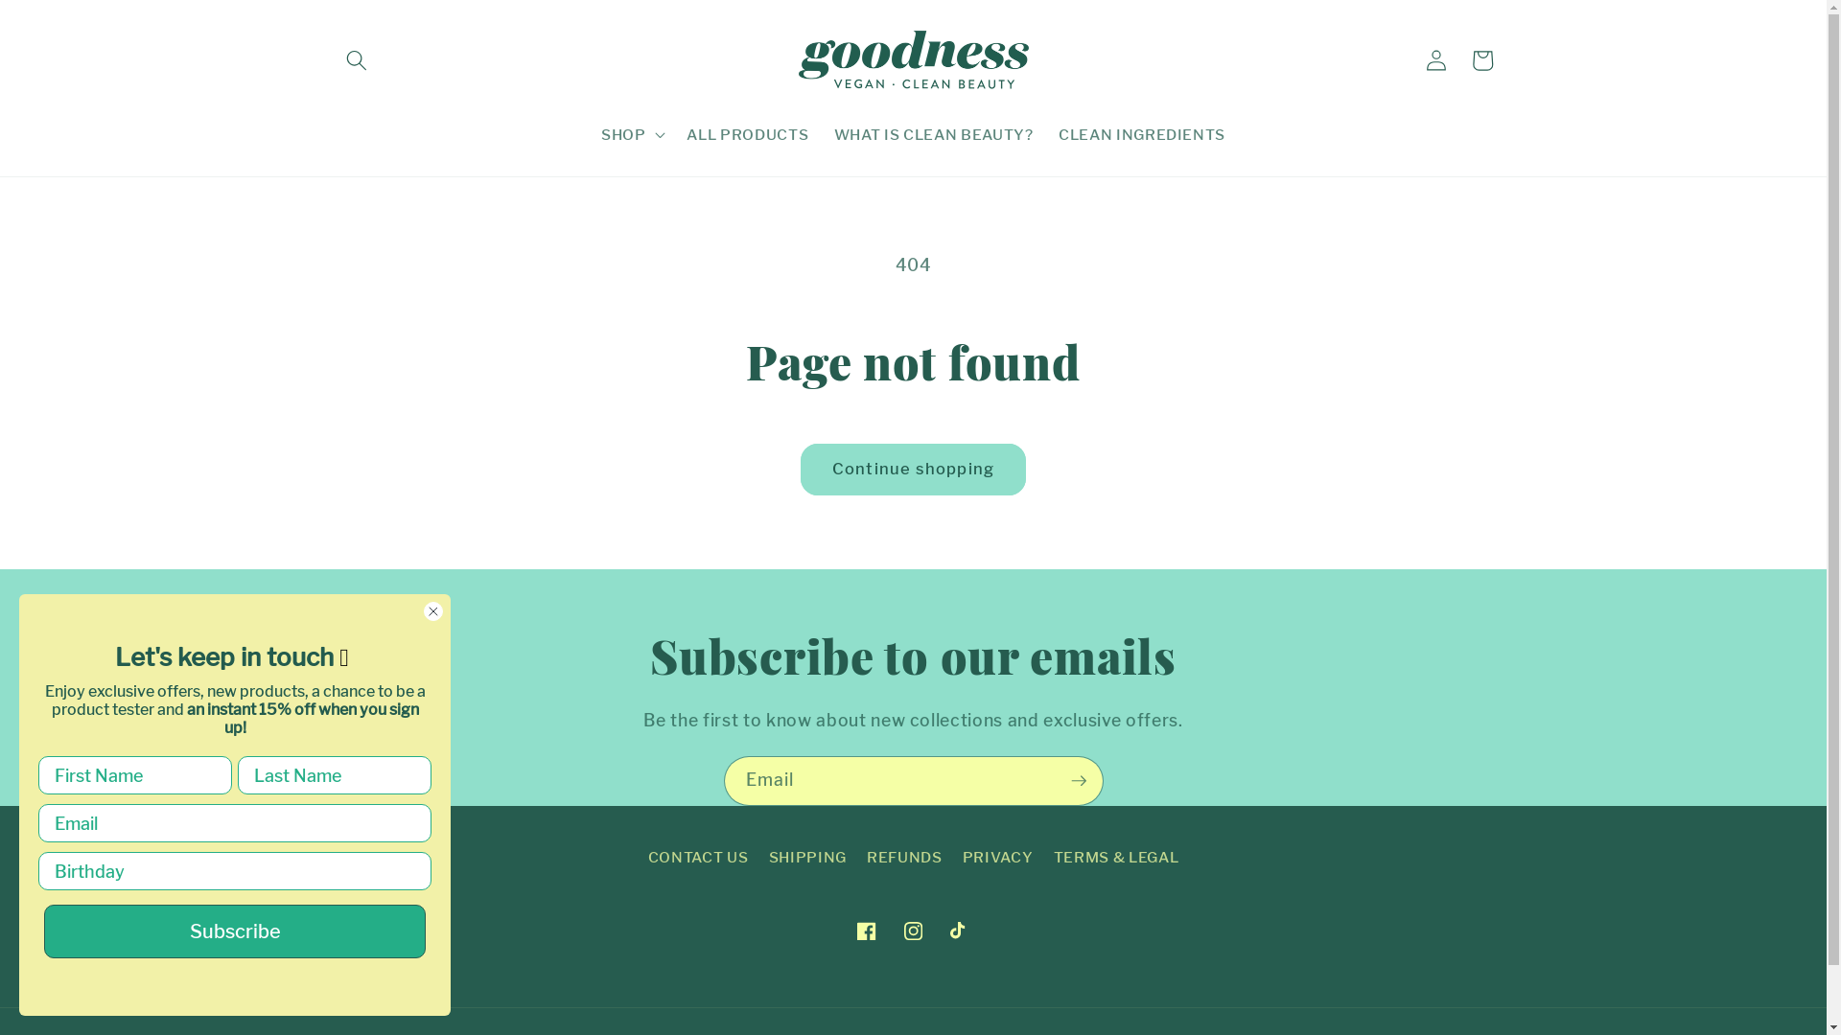 This screenshot has height=1035, width=1841. Describe the element at coordinates (431, 610) in the screenshot. I see `'Close dialog 1'` at that location.